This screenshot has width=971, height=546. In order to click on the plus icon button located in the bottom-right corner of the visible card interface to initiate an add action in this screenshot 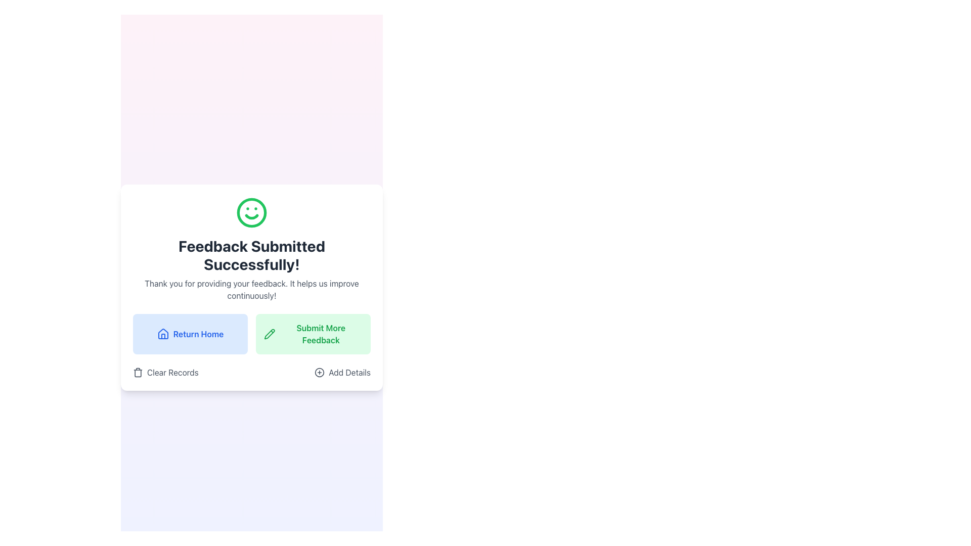, I will do `click(319, 372)`.